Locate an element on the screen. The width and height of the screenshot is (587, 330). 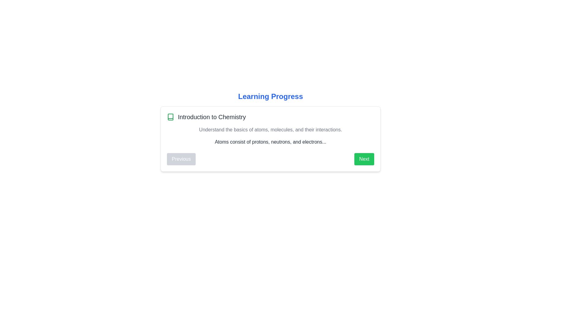
text element that serves as a section title or heading, positioned at the top center of the interface above the bordered box containing details about 'Introduction to Chemistry.' is located at coordinates (270, 96).